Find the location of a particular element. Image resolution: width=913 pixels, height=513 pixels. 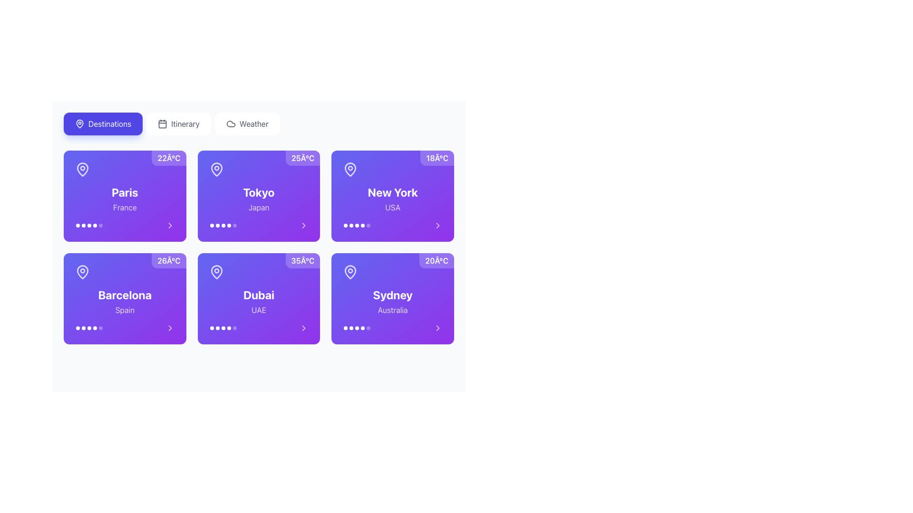

the geographical location icon located in the card titled 'Sydney' with the subtitle 'Australia', positioned above the 'Sydney' text and below the temperature display is located at coordinates (350, 272).